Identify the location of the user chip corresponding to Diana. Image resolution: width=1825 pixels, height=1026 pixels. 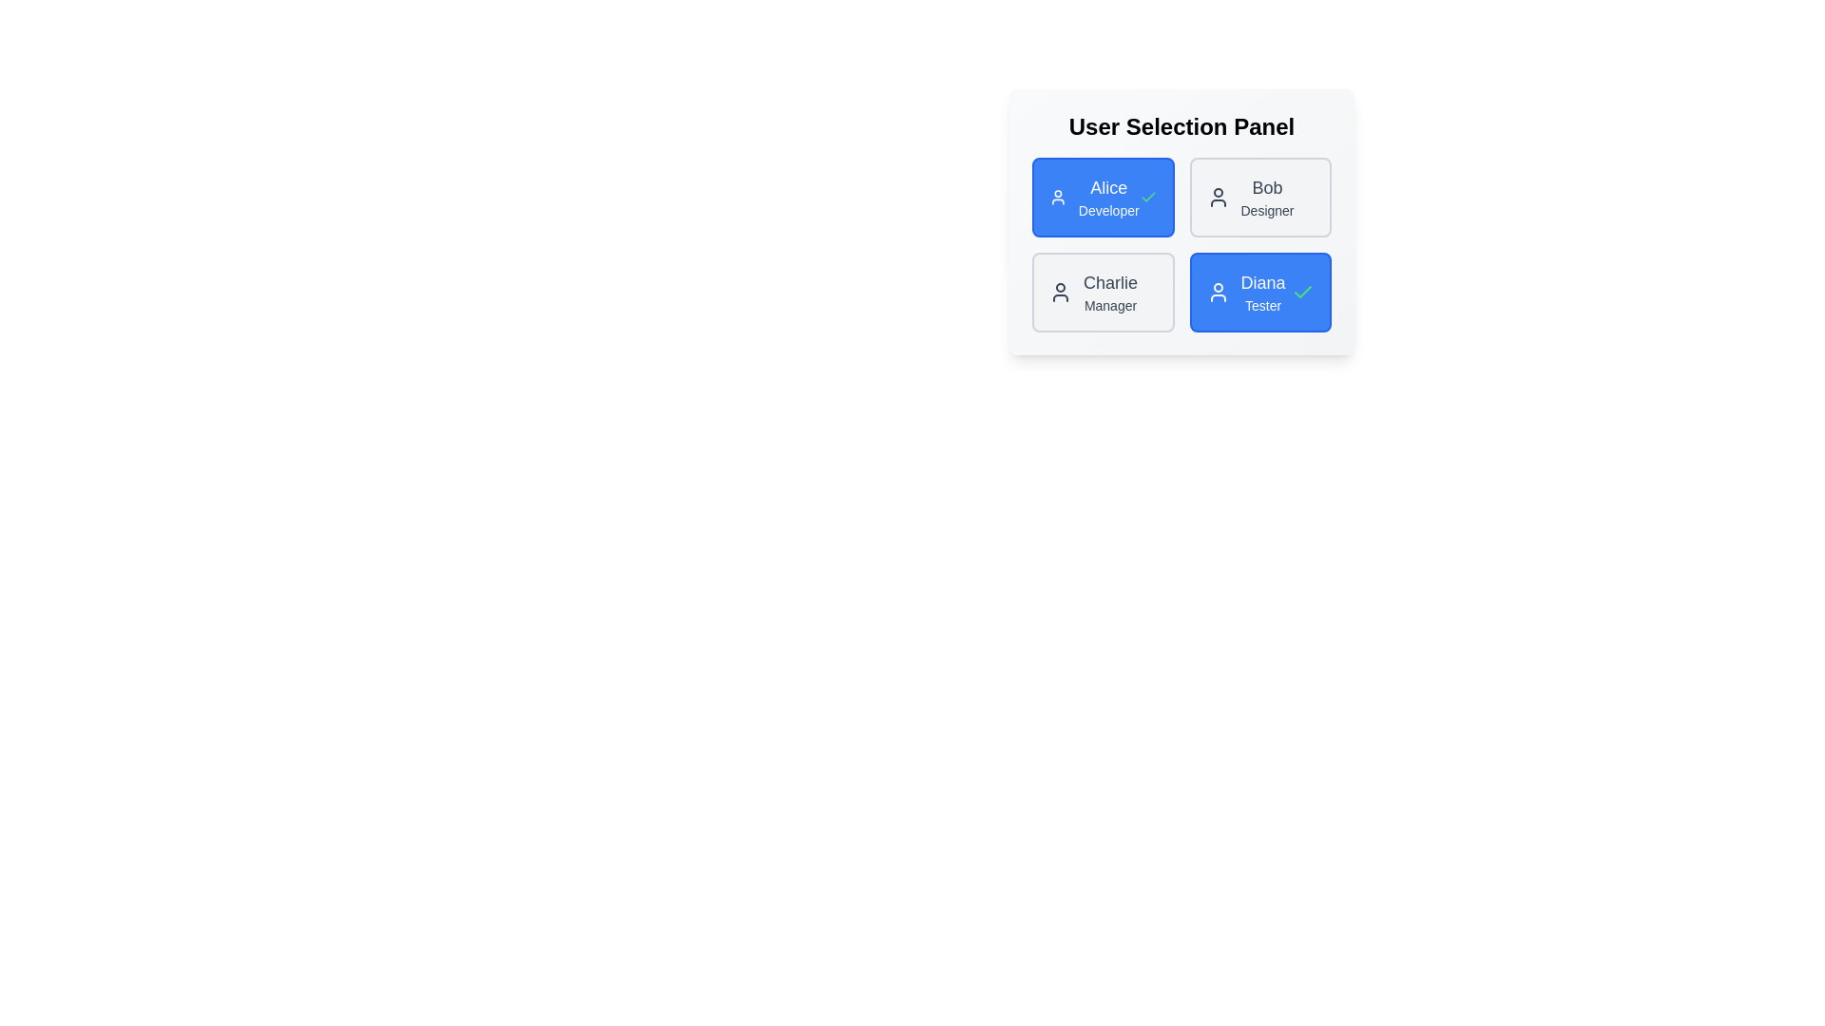
(1260, 293).